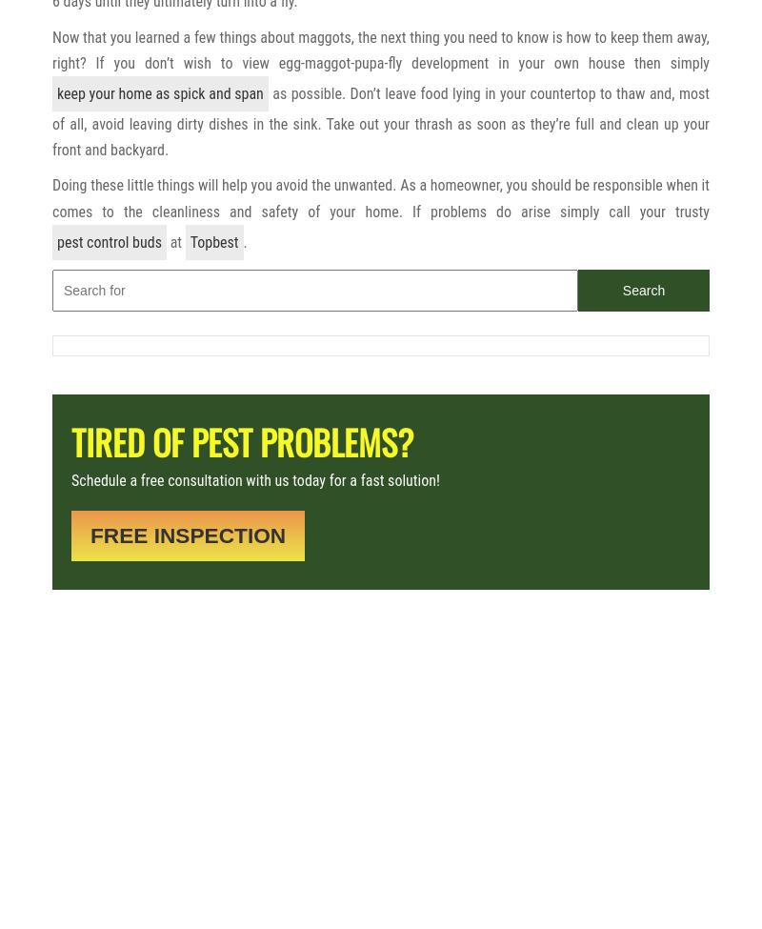  Describe the element at coordinates (213, 241) in the screenshot. I see `'Topbest'` at that location.